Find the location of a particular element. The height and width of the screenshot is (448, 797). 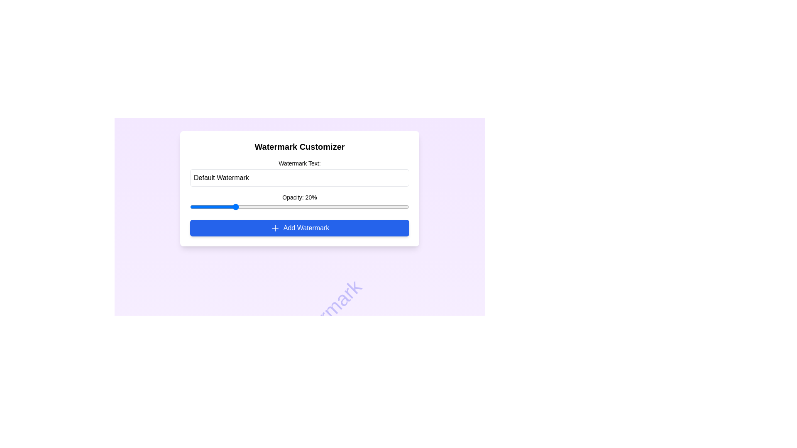

the text label 'Watermark Text:' which is located in the pop-up card labeled 'Watermark Customizer', positioned above the input box for 'Default Watermark' is located at coordinates (299, 163).